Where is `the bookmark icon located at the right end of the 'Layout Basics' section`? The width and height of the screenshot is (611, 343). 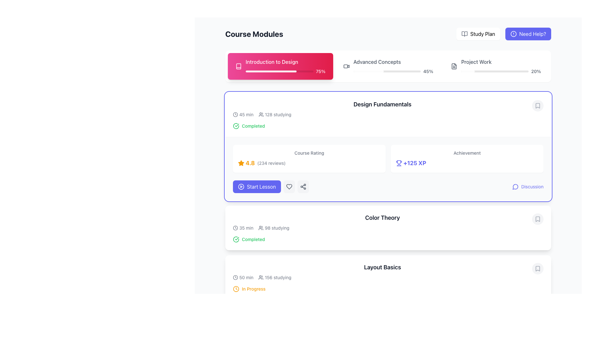
the bookmark icon located at the right end of the 'Layout Basics' section is located at coordinates (537, 268).